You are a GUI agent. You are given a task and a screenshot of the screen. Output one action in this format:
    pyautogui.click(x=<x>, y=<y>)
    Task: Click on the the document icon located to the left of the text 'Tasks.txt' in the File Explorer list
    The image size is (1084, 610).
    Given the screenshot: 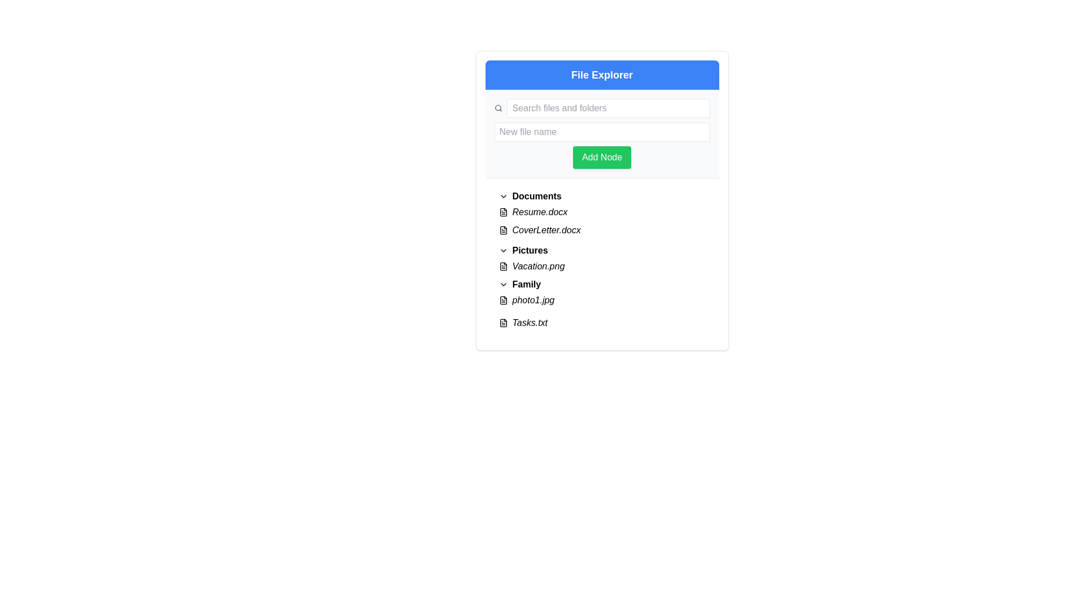 What is the action you would take?
    pyautogui.click(x=502, y=323)
    